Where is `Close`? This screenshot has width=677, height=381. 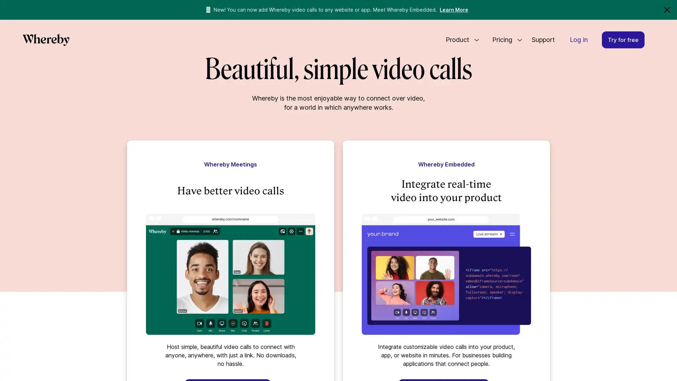
Close is located at coordinates (666, 10).